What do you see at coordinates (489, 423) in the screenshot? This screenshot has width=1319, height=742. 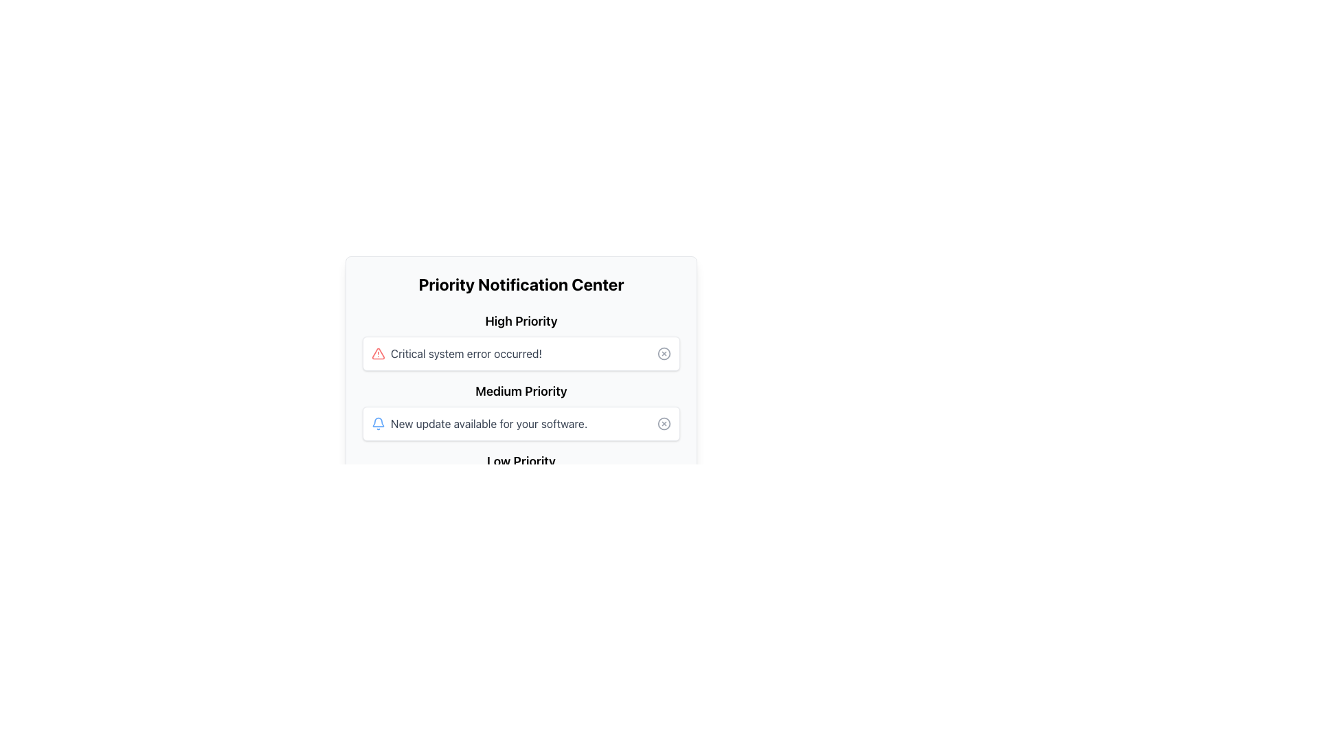 I see `the notification message indicating the availability of a software update in the 'Medium Priority' section of the 'Priority Notification Center'` at bounding box center [489, 423].